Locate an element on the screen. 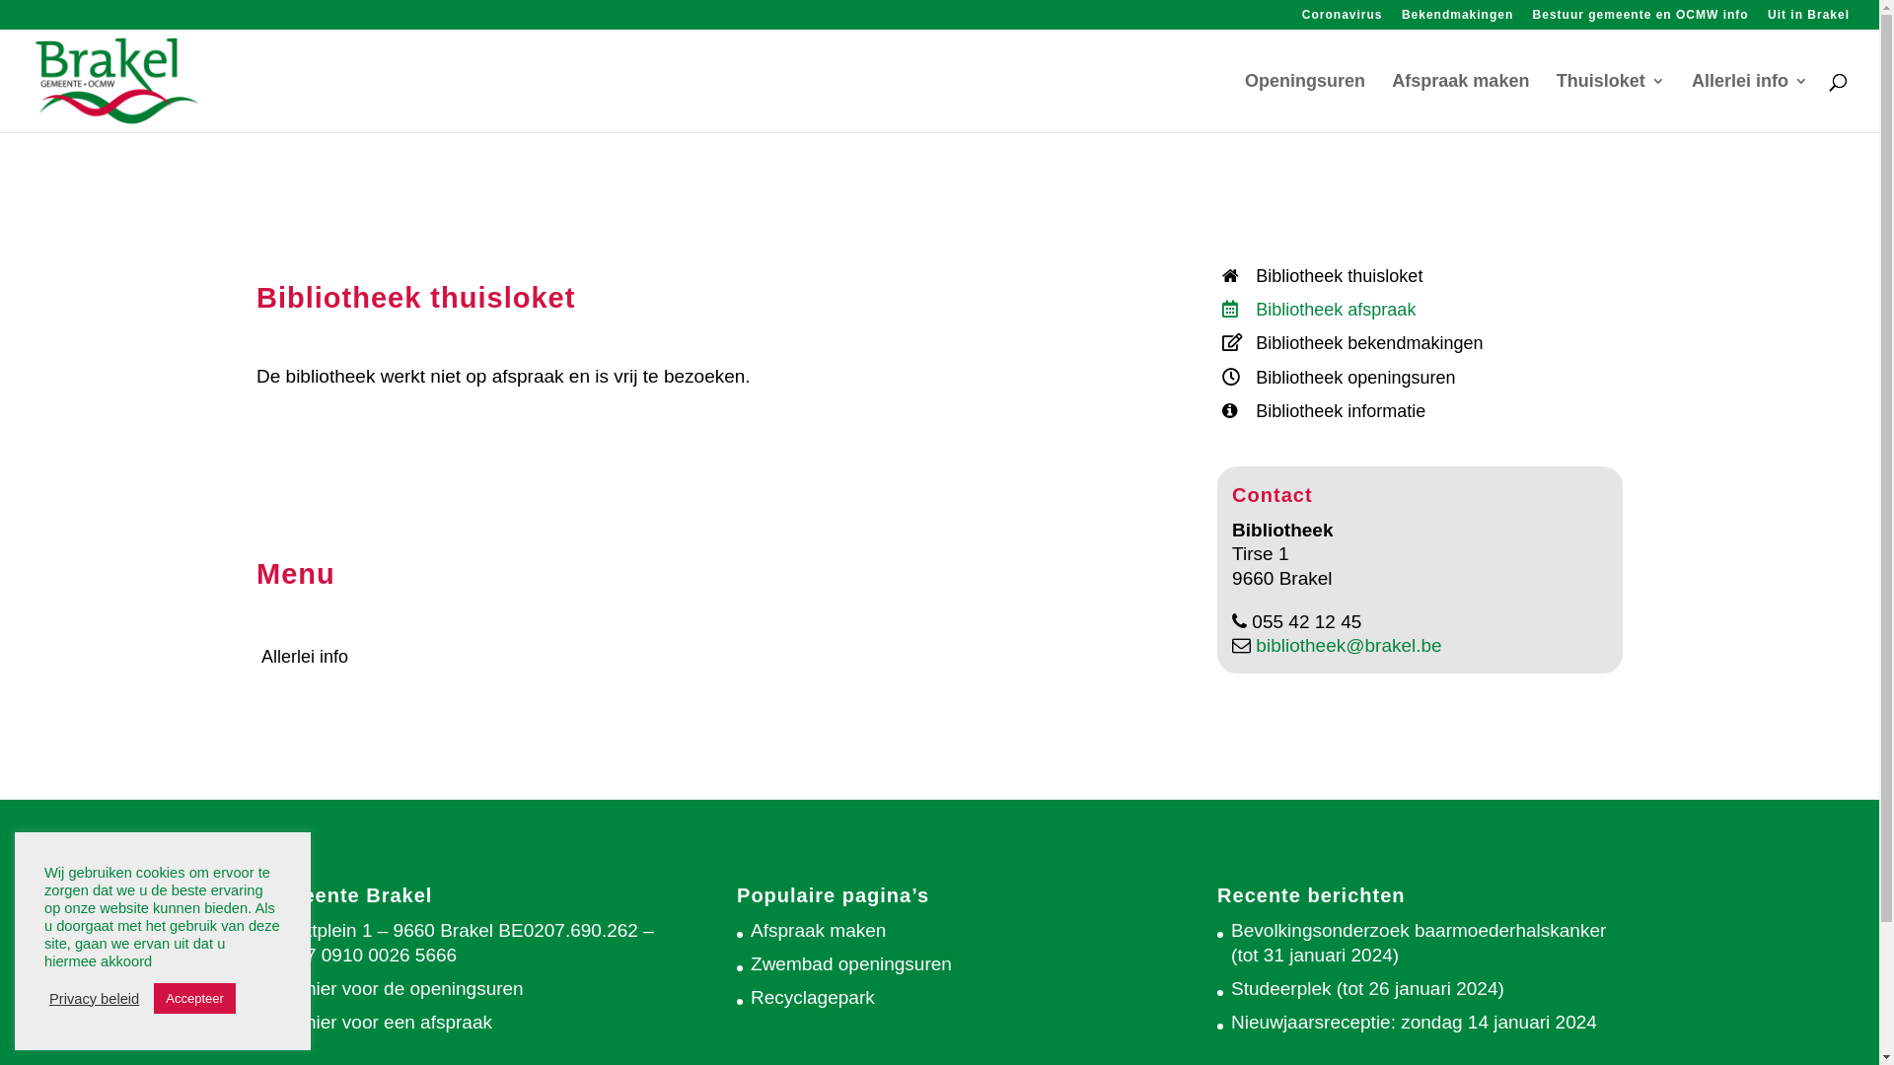 The image size is (1894, 1065). 'Coronavirus' is located at coordinates (1342, 19).